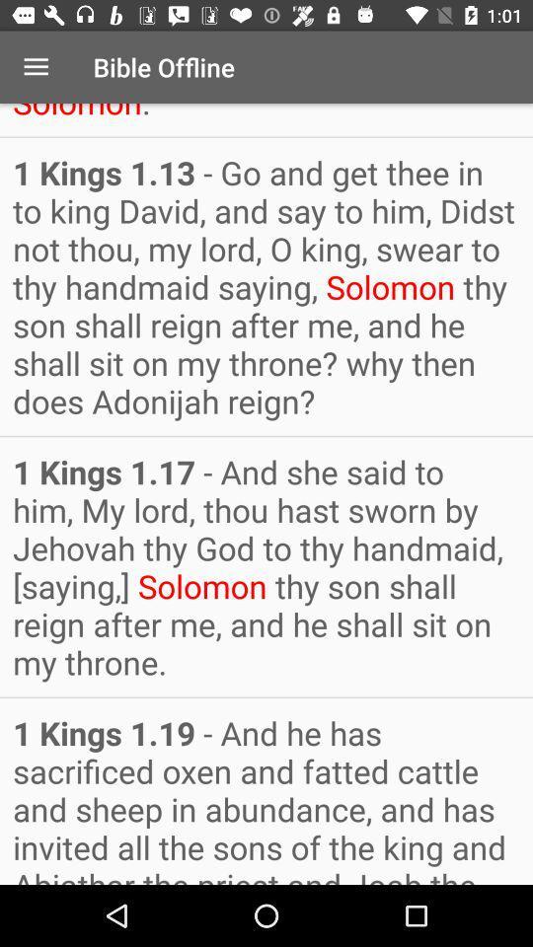 This screenshot has width=533, height=947. What do you see at coordinates (36, 67) in the screenshot?
I see `item next to the bible offline` at bounding box center [36, 67].